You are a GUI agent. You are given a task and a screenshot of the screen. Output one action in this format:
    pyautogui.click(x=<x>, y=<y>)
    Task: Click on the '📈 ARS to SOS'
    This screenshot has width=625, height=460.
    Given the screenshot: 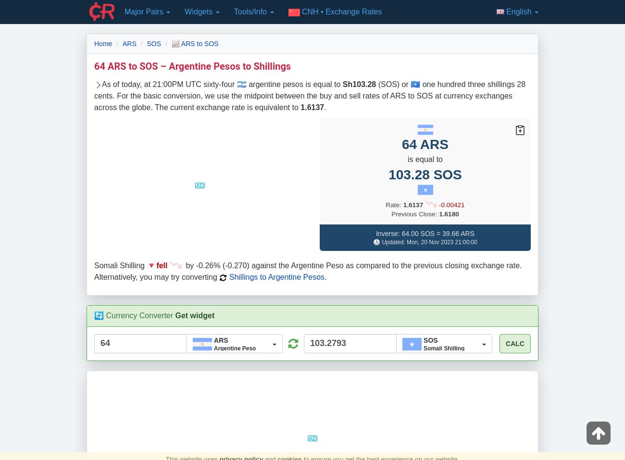 What is the action you would take?
    pyautogui.click(x=194, y=43)
    